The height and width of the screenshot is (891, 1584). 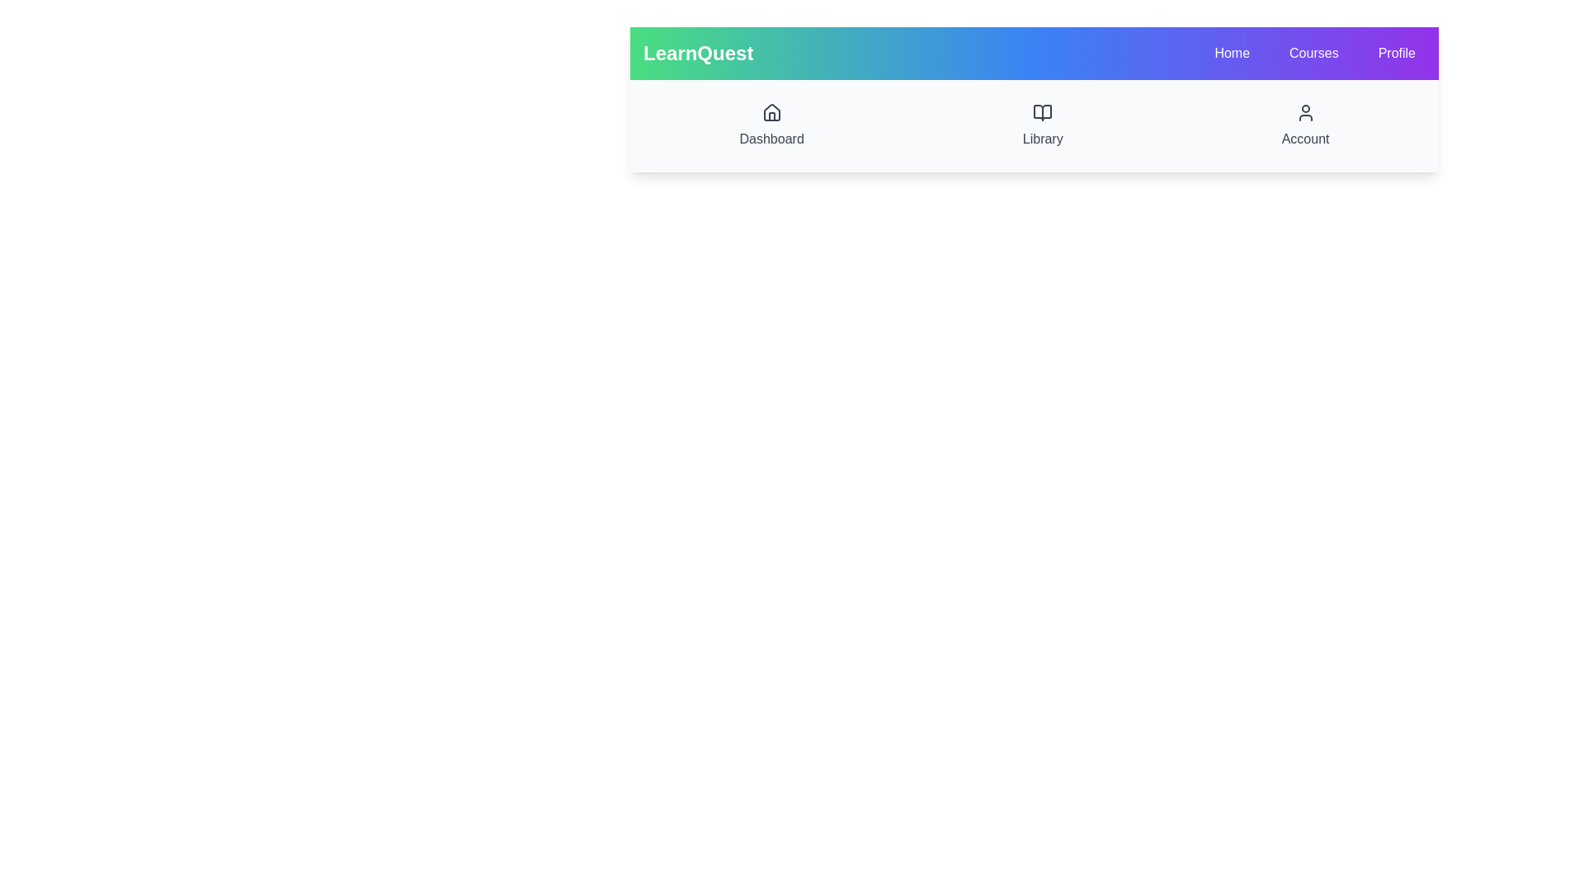 I want to click on the Dashboard to observe its hover effect, so click(x=771, y=125).